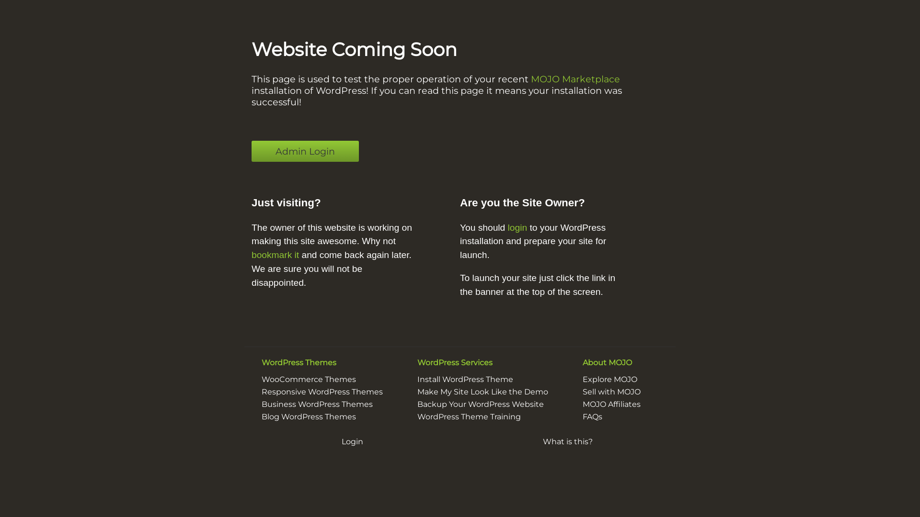  What do you see at coordinates (611, 392) in the screenshot?
I see `'Sell with MOJO'` at bounding box center [611, 392].